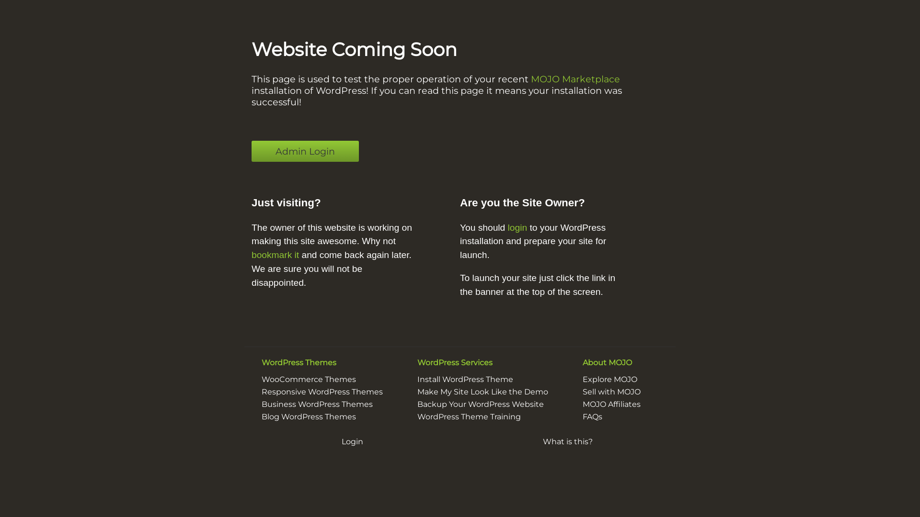  What do you see at coordinates (611, 392) in the screenshot?
I see `'Sell with MOJO'` at bounding box center [611, 392].